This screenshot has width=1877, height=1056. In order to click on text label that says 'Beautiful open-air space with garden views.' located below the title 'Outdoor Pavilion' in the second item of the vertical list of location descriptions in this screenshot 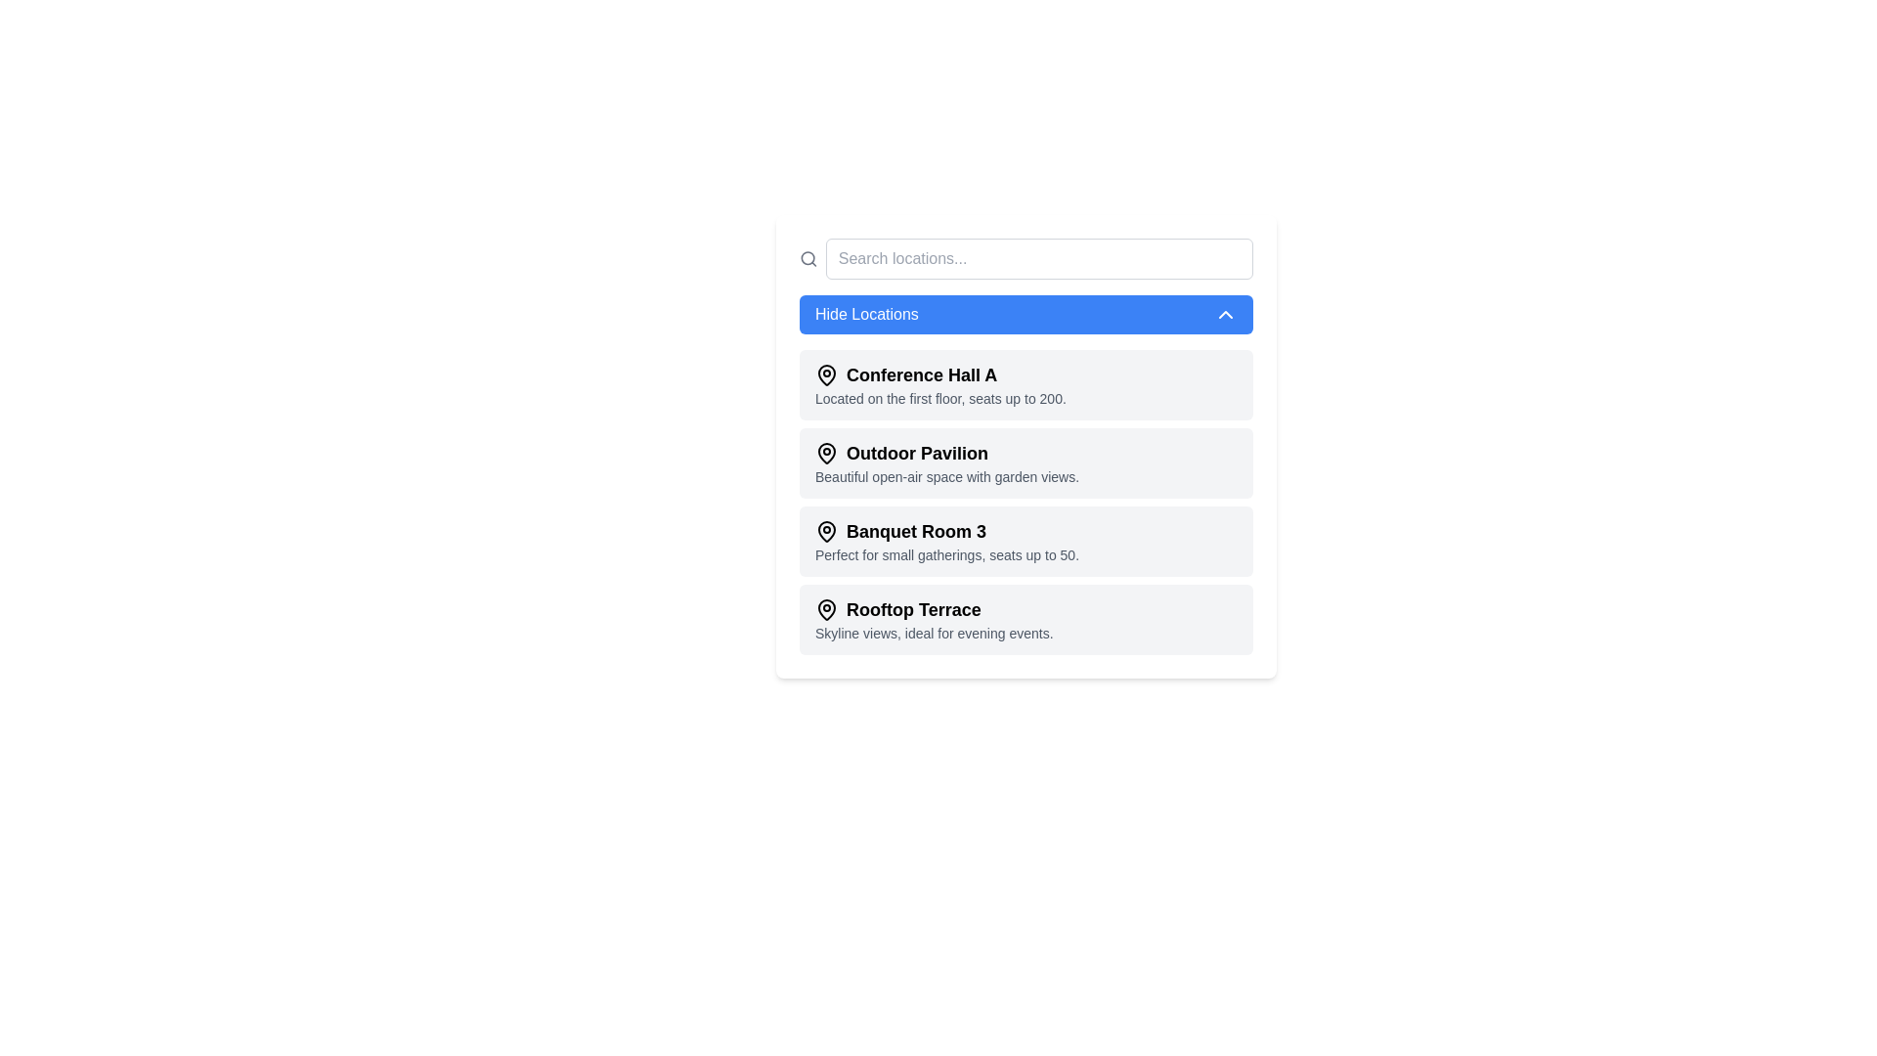, I will do `click(947, 477)`.